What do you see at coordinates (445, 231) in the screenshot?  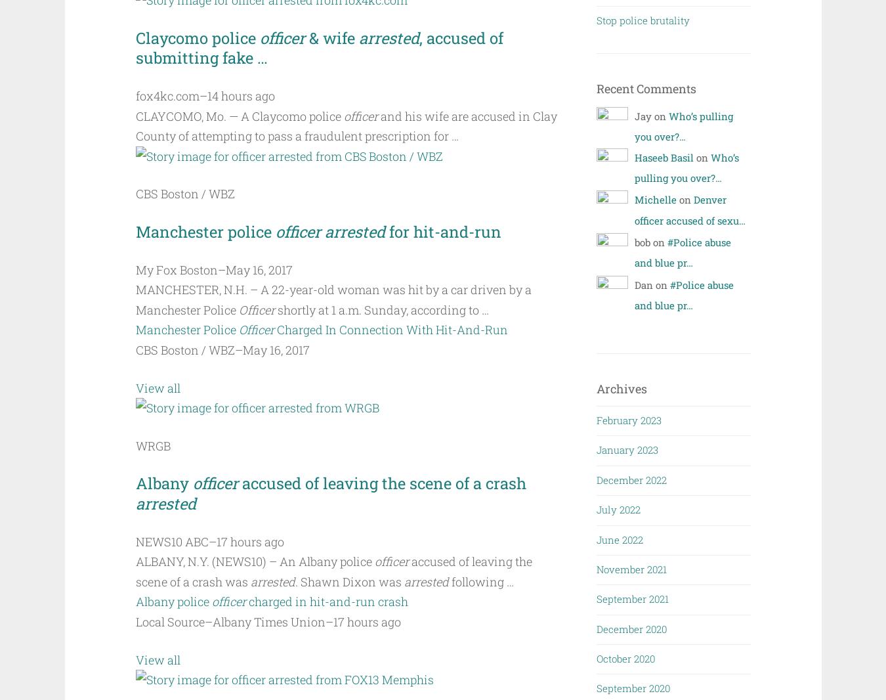 I see `'for hit-and-run'` at bounding box center [445, 231].